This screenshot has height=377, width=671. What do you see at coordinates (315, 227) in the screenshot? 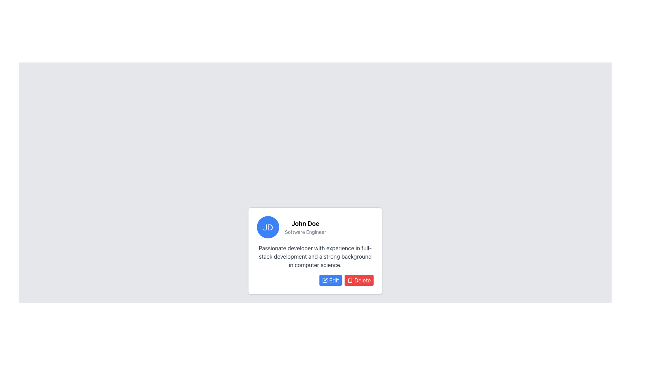
I see `the Profile Header element, which serves as a visual identifier for the user` at bounding box center [315, 227].